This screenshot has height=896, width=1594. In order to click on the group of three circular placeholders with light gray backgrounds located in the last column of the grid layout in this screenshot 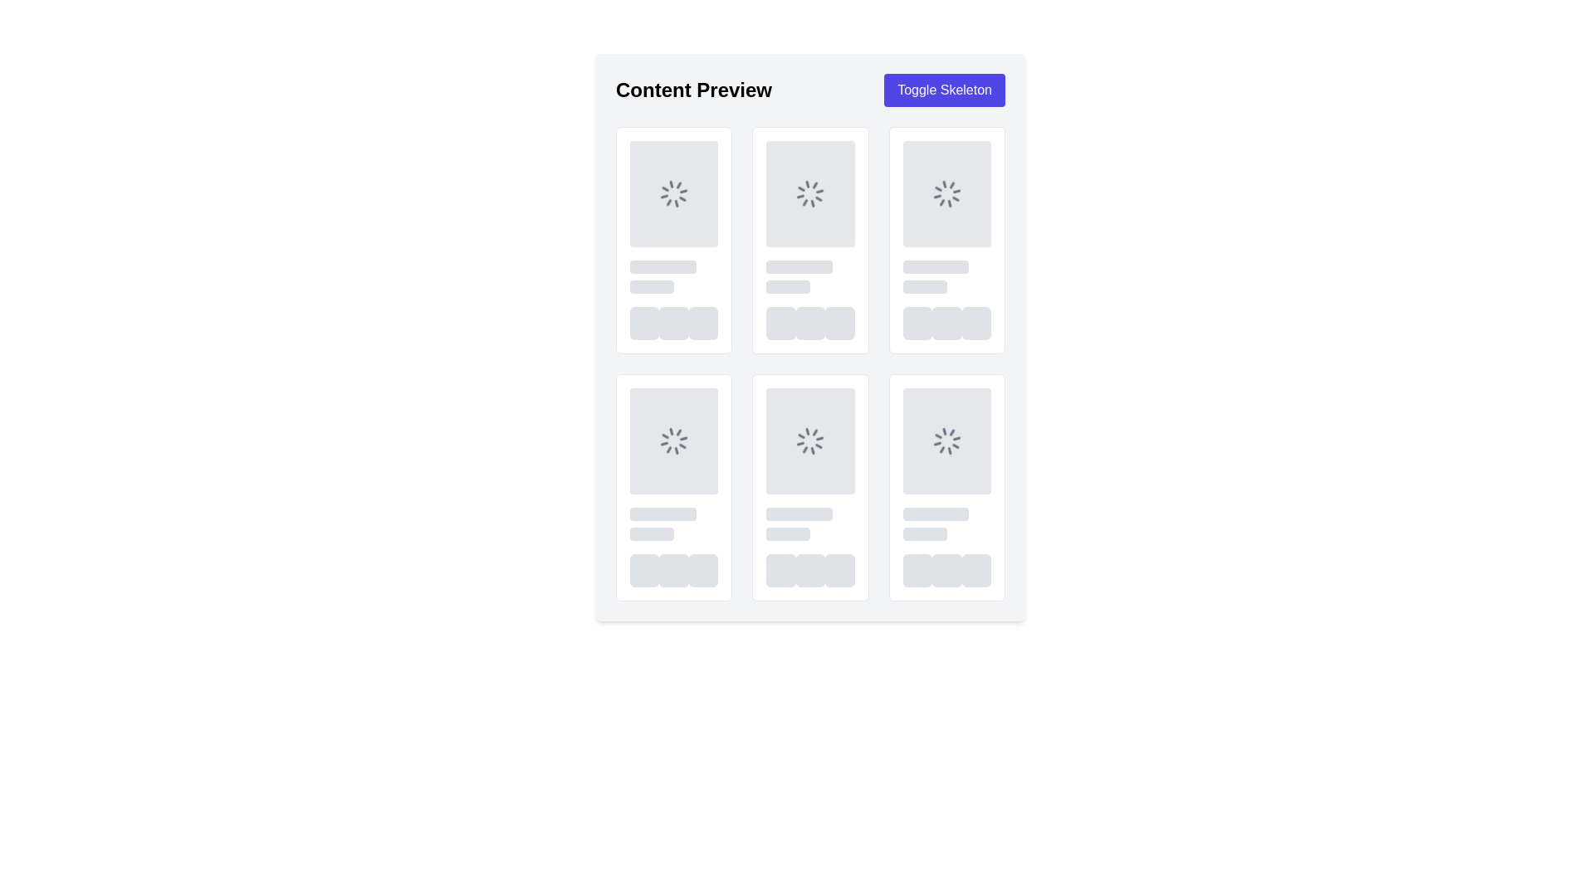, I will do `click(946, 323)`.